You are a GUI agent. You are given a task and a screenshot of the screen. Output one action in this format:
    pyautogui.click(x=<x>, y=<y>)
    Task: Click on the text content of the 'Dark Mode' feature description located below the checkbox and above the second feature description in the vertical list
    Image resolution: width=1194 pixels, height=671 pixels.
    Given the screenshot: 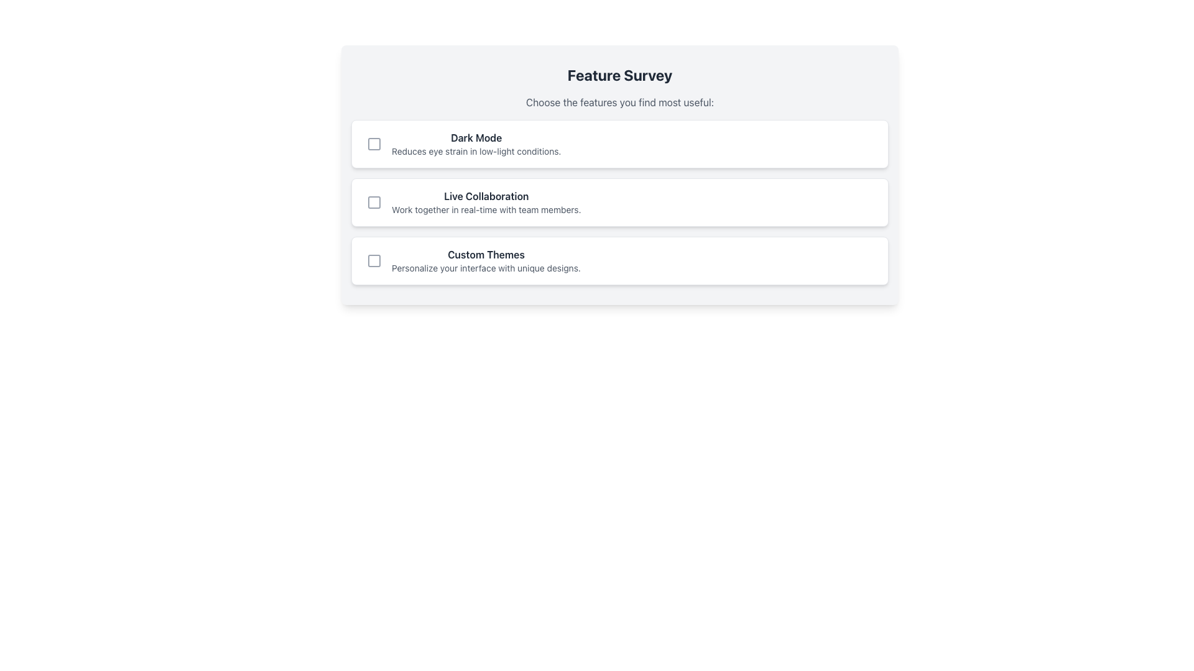 What is the action you would take?
    pyautogui.click(x=476, y=143)
    